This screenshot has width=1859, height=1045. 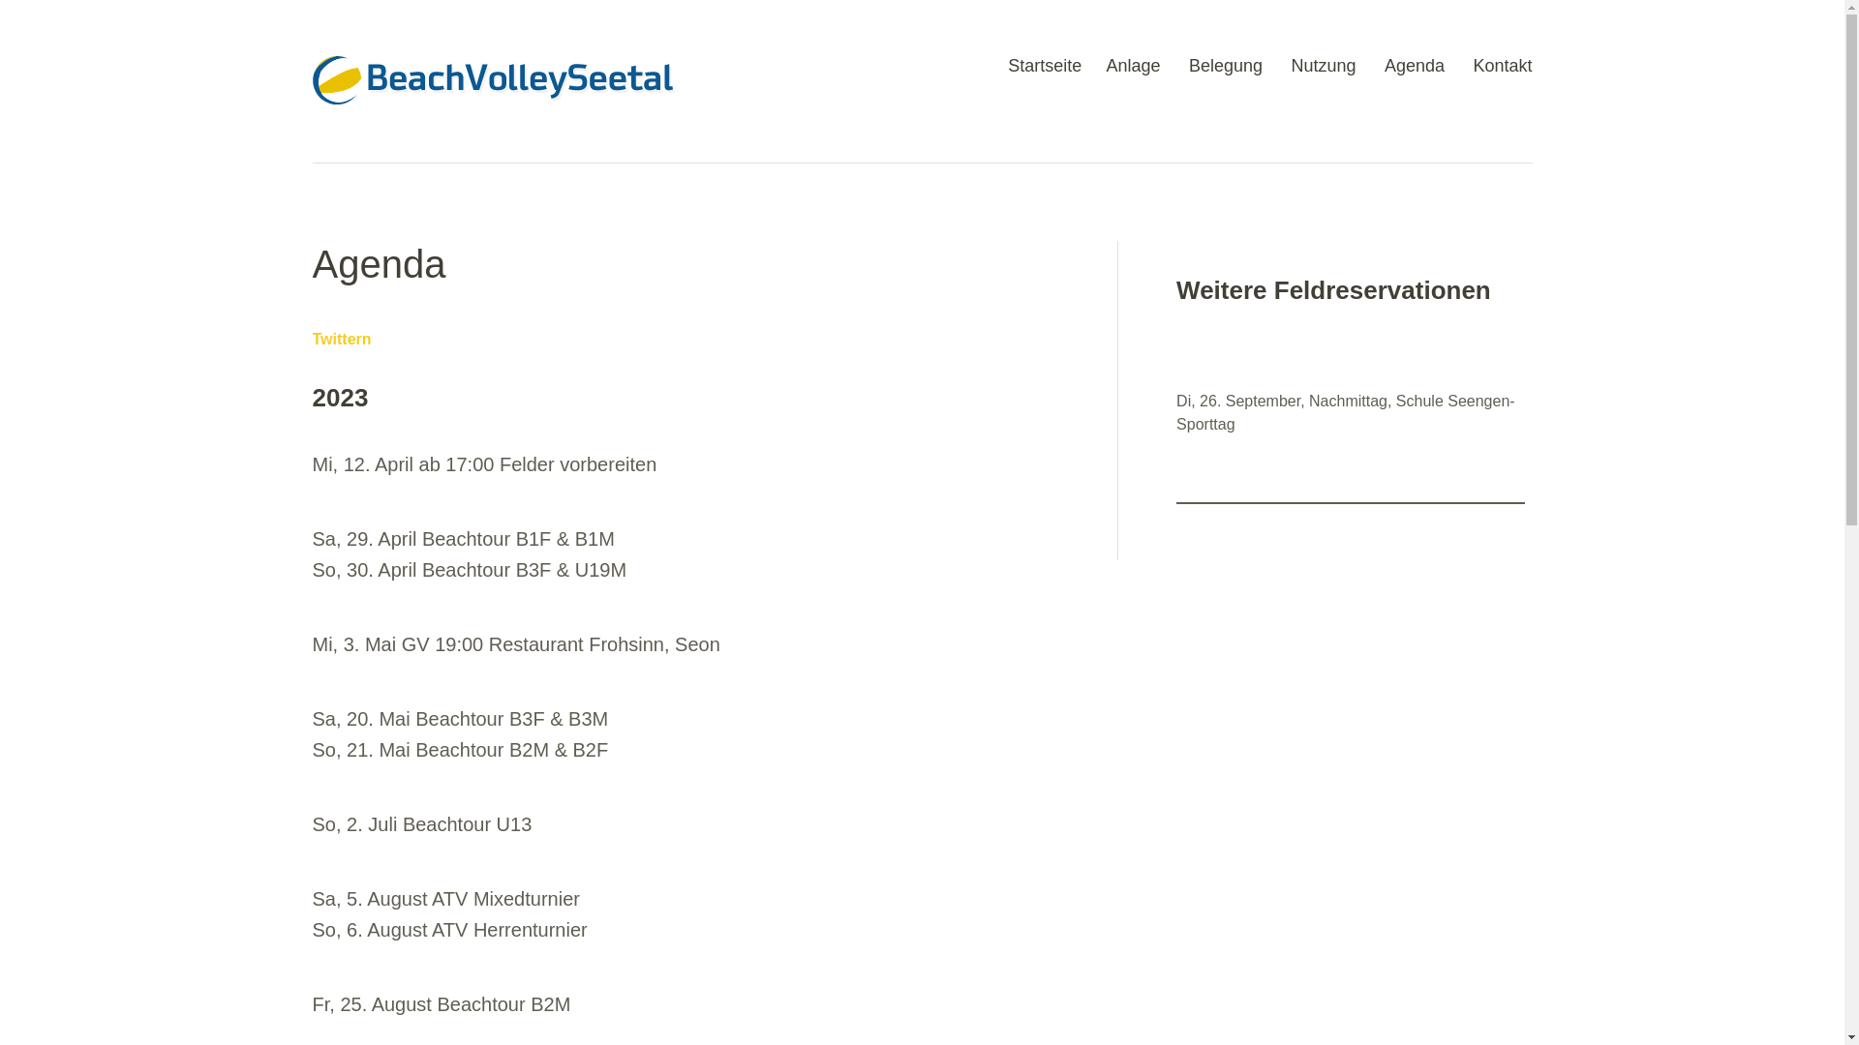 I want to click on 'Nutzung', so click(x=1291, y=74).